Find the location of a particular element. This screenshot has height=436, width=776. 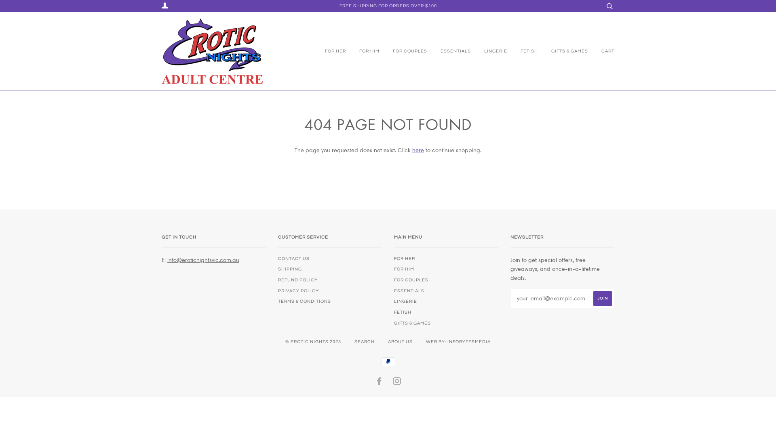

'TERMS & CONDITIONS' is located at coordinates (304, 301).